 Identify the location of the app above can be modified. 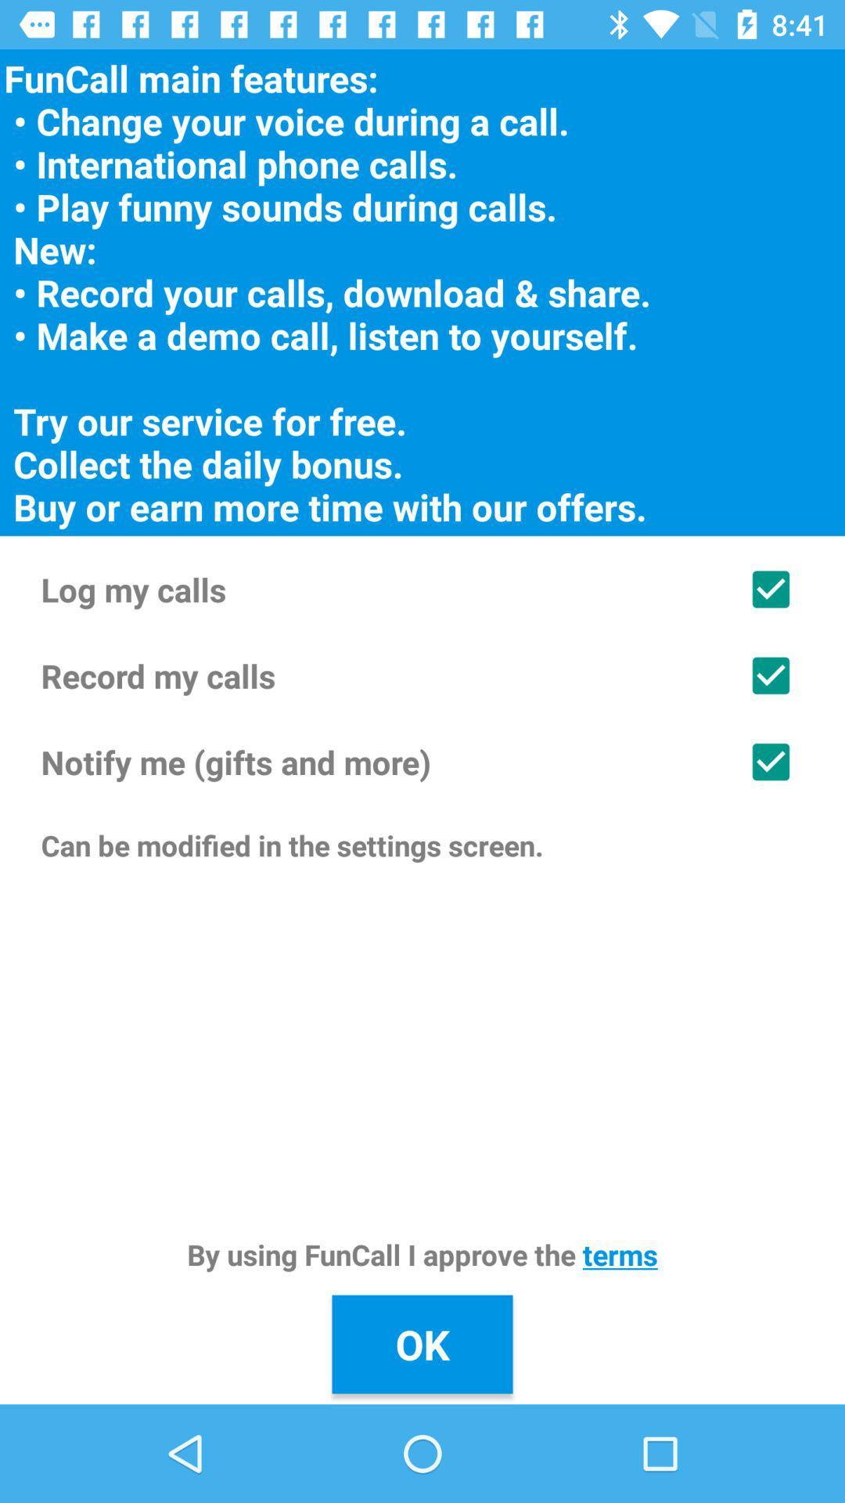
(422, 762).